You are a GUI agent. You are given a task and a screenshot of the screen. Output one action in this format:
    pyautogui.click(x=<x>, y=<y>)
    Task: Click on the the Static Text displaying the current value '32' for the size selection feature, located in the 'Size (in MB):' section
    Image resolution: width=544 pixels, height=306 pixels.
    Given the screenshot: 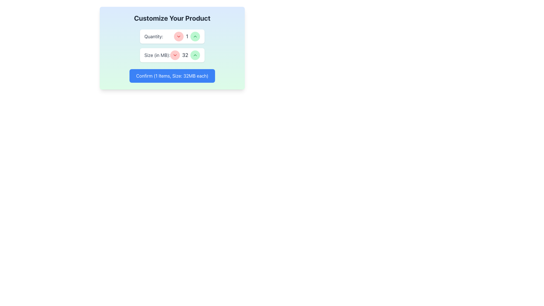 What is the action you would take?
    pyautogui.click(x=185, y=55)
    